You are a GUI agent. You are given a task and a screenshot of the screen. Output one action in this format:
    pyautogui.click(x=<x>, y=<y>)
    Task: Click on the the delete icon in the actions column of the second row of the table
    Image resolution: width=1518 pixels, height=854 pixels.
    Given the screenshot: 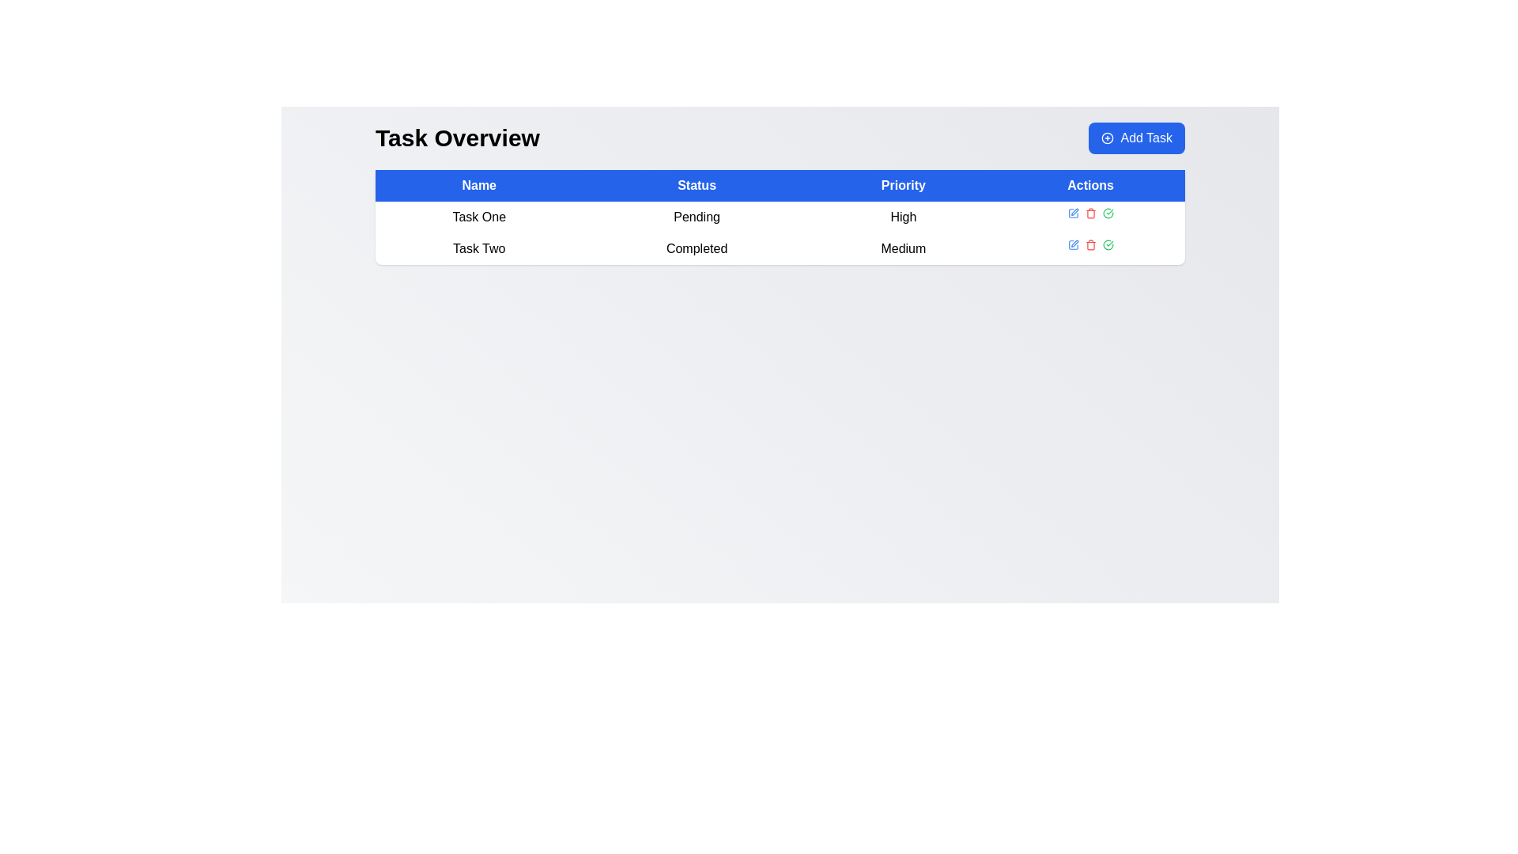 What is the action you would take?
    pyautogui.click(x=1089, y=214)
    